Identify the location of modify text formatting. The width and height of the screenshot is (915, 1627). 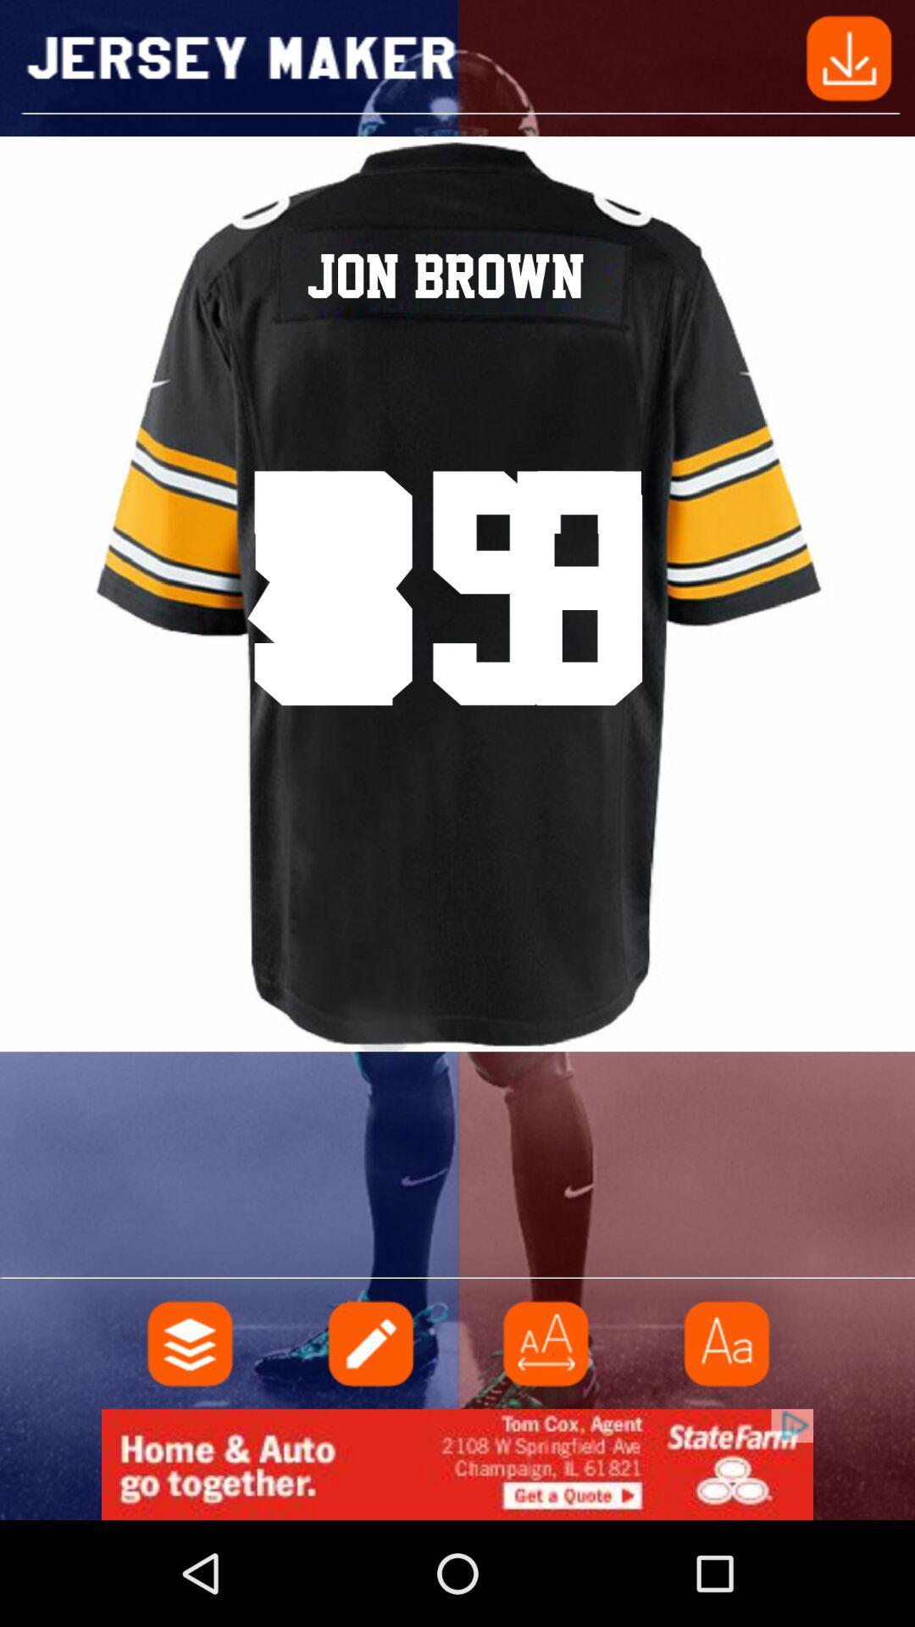
(724, 1342).